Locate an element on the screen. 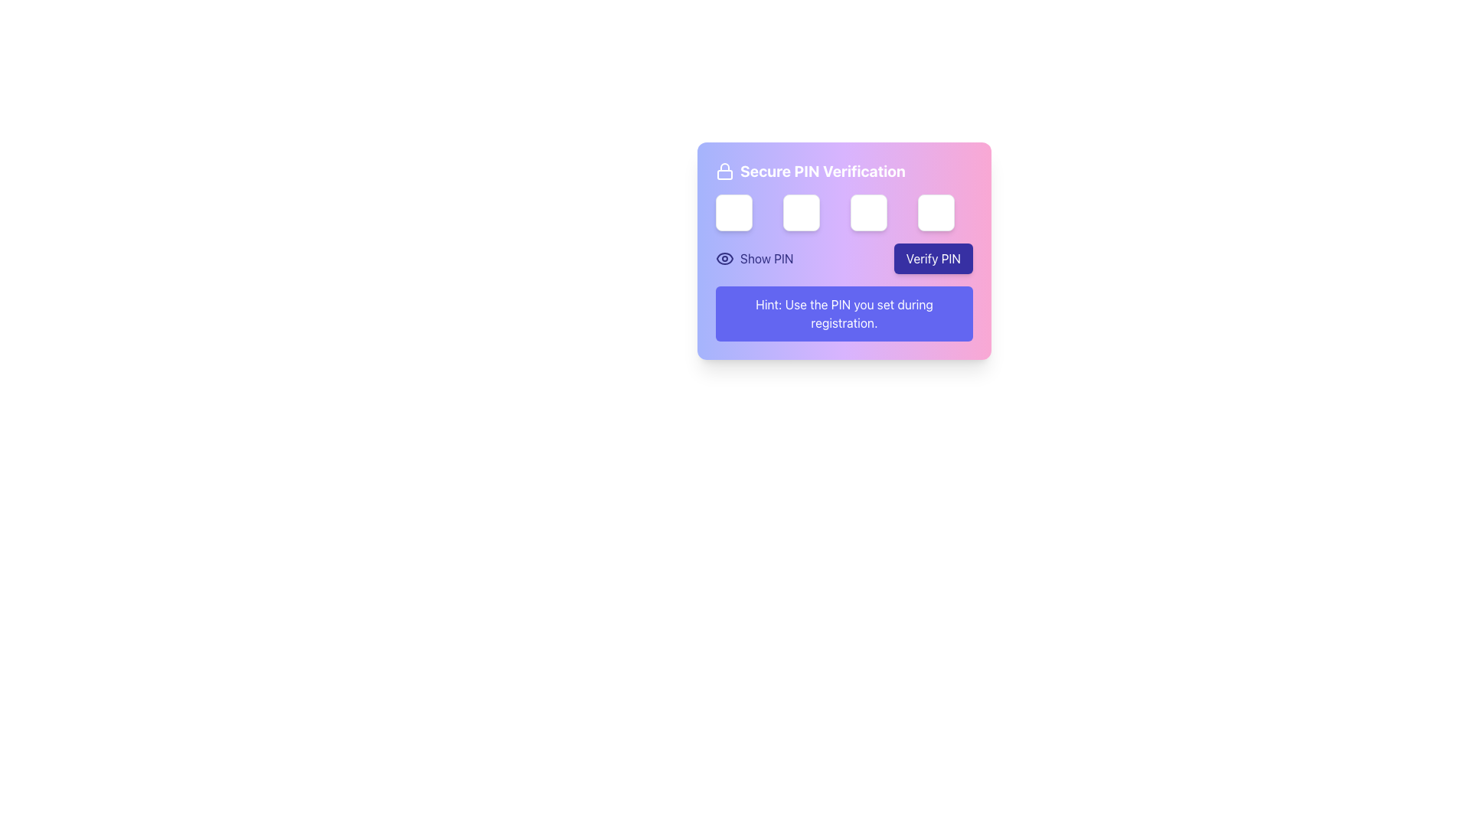 This screenshot has width=1470, height=827. the lock icon located to the far left of the 'Secure PIN Verification' title text, which serves as a visual cue for security in the verification process is located at coordinates (724, 171).